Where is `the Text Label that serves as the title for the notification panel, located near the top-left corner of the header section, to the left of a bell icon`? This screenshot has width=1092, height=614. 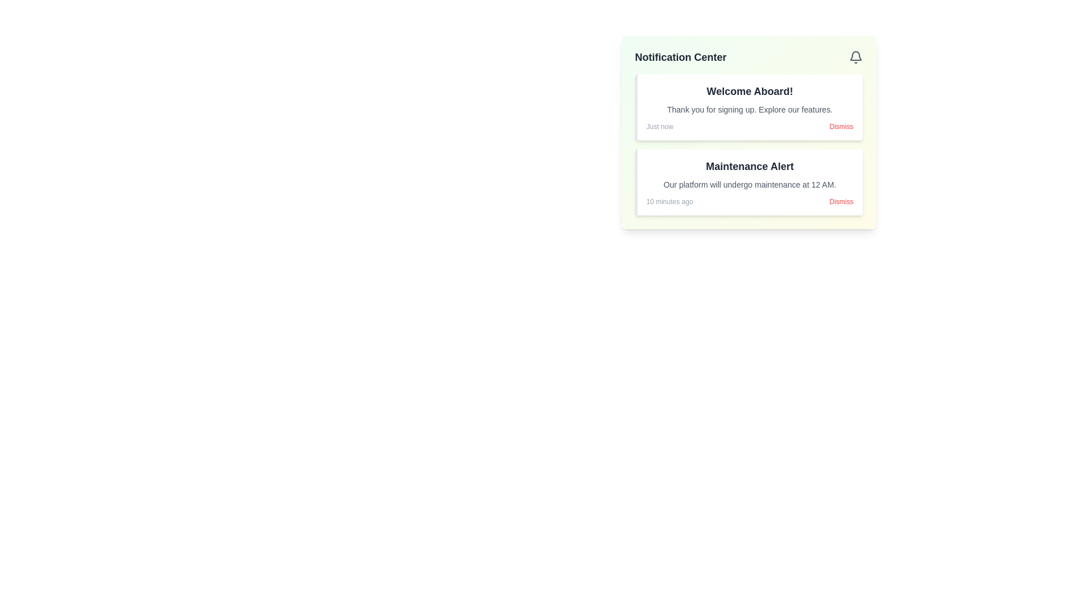 the Text Label that serves as the title for the notification panel, located near the top-left corner of the header section, to the left of a bell icon is located at coordinates (680, 57).